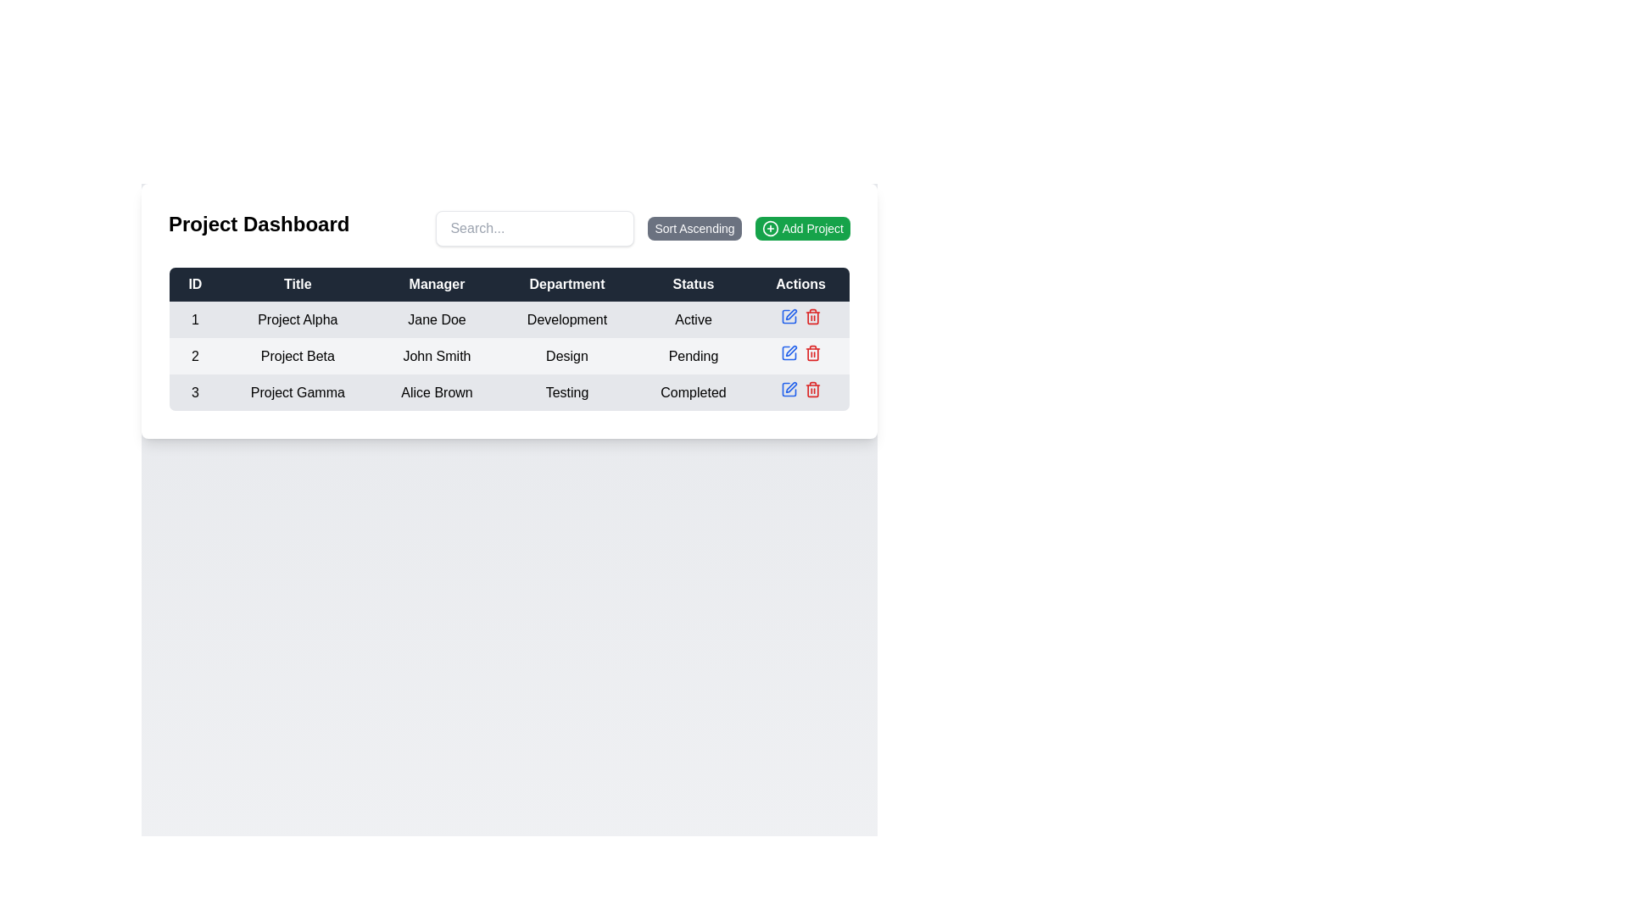 The height and width of the screenshot is (915, 1628). Describe the element at coordinates (437, 283) in the screenshot. I see `the header label for the 'Manager' column in the table, which is located in the third column between 'Title' and 'Department'` at that location.